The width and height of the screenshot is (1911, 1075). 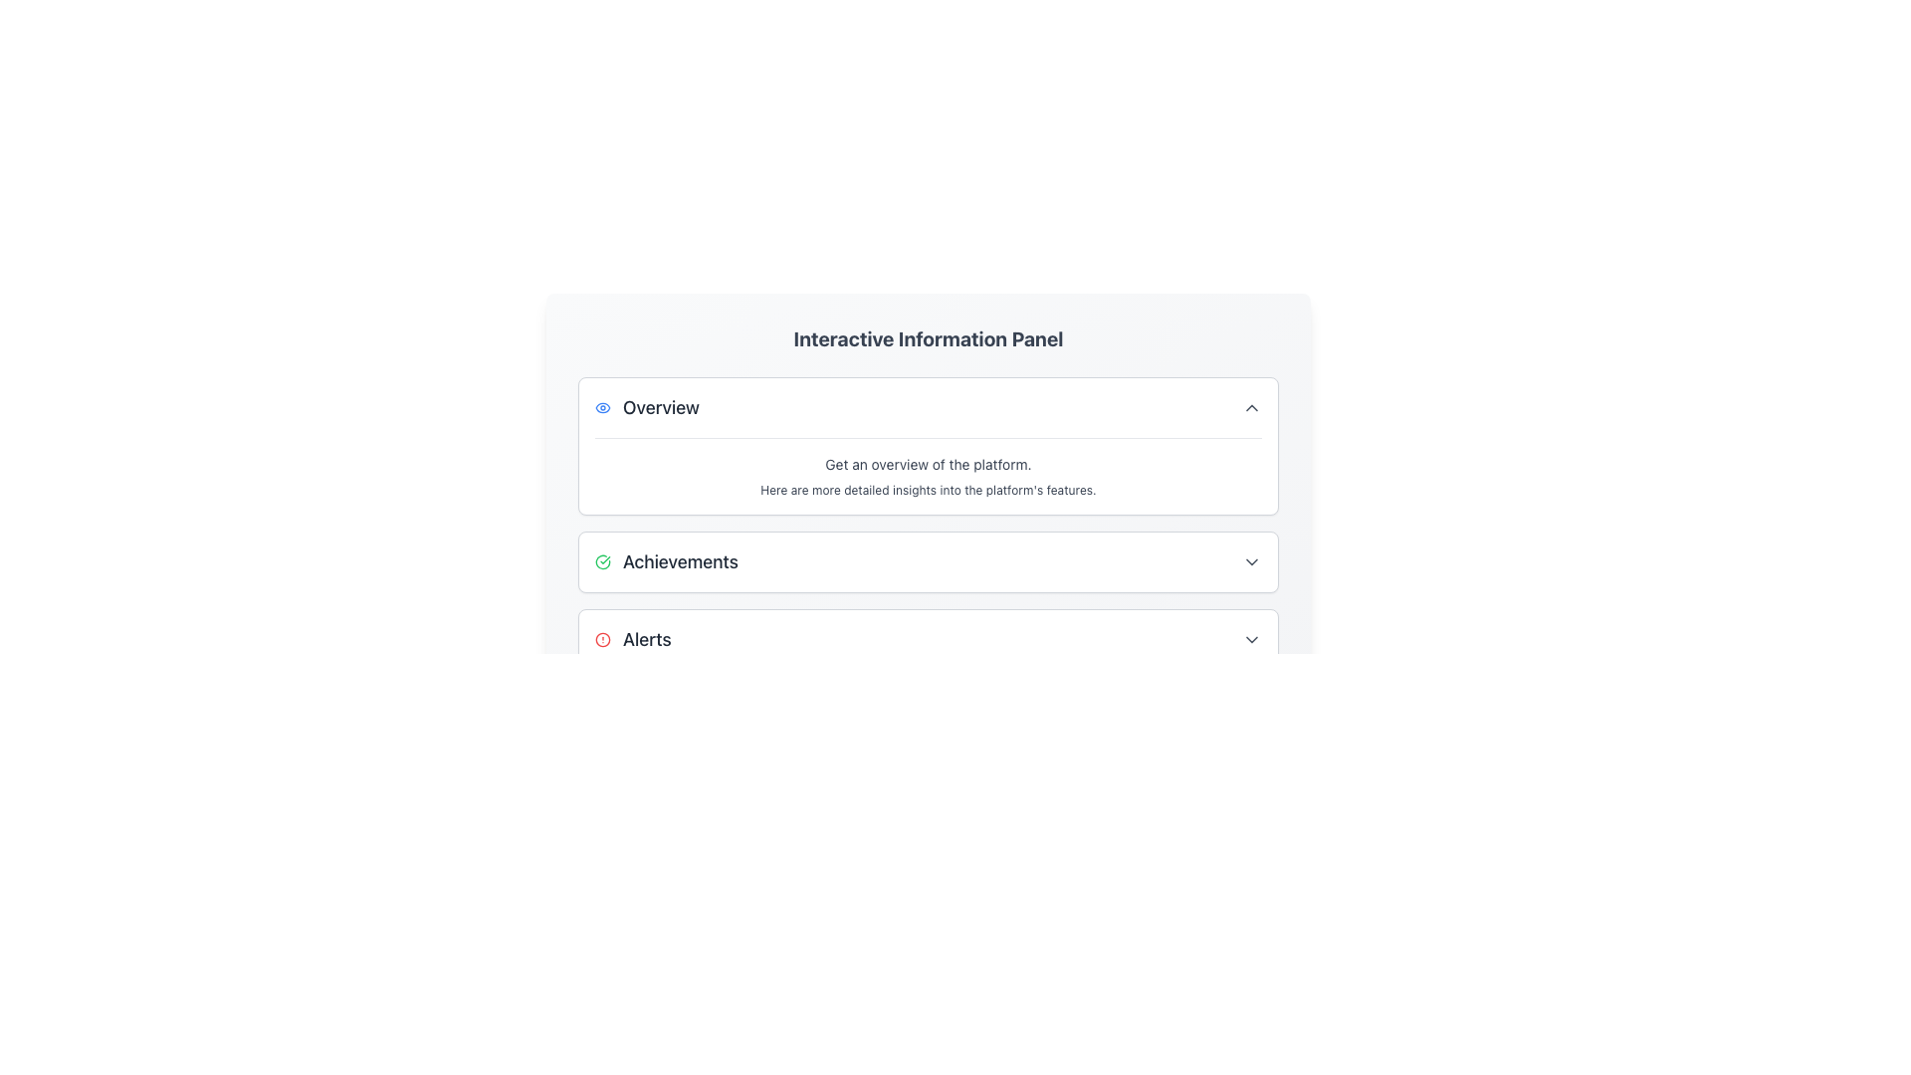 What do you see at coordinates (601, 640) in the screenshot?
I see `the alert icon located to the left of the 'Alerts' text label in the 'Interactive Information Panel'` at bounding box center [601, 640].